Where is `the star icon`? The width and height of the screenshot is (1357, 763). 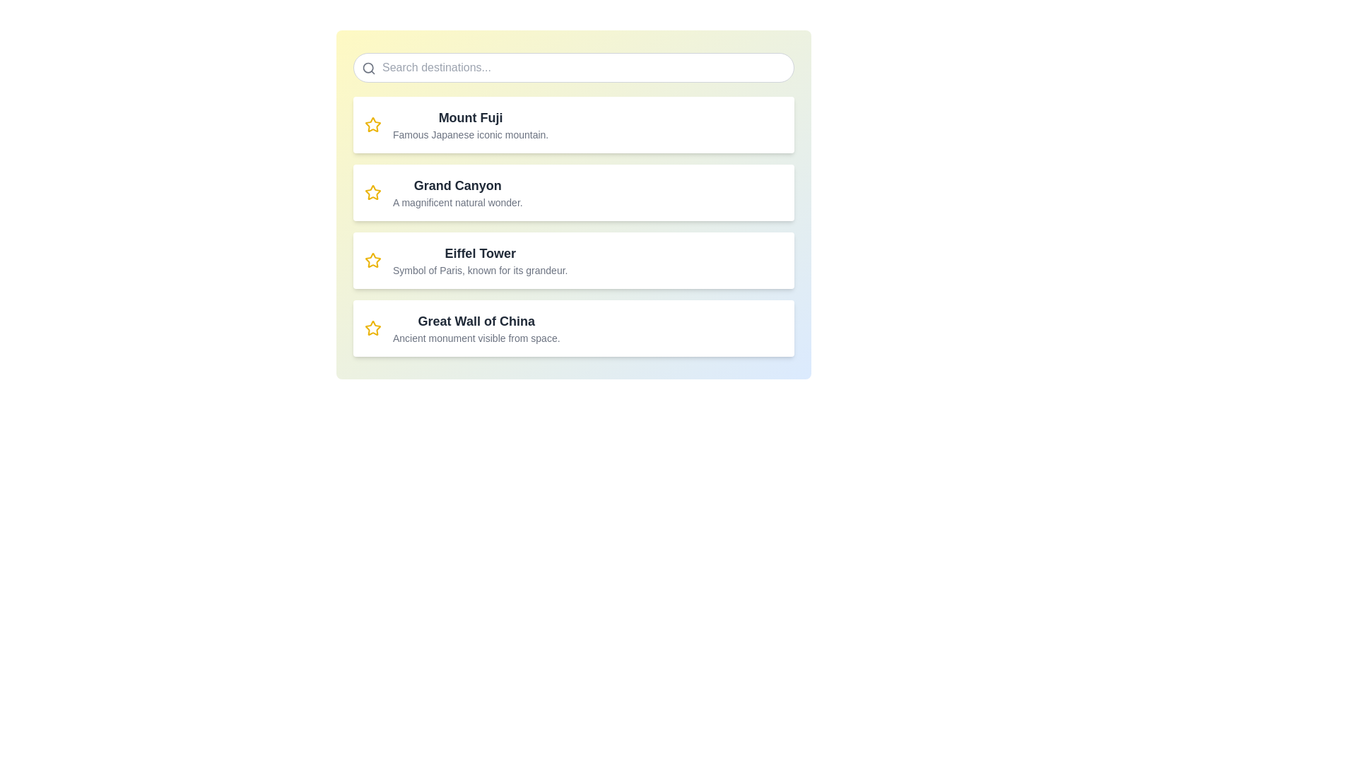
the star icon is located at coordinates (373, 261).